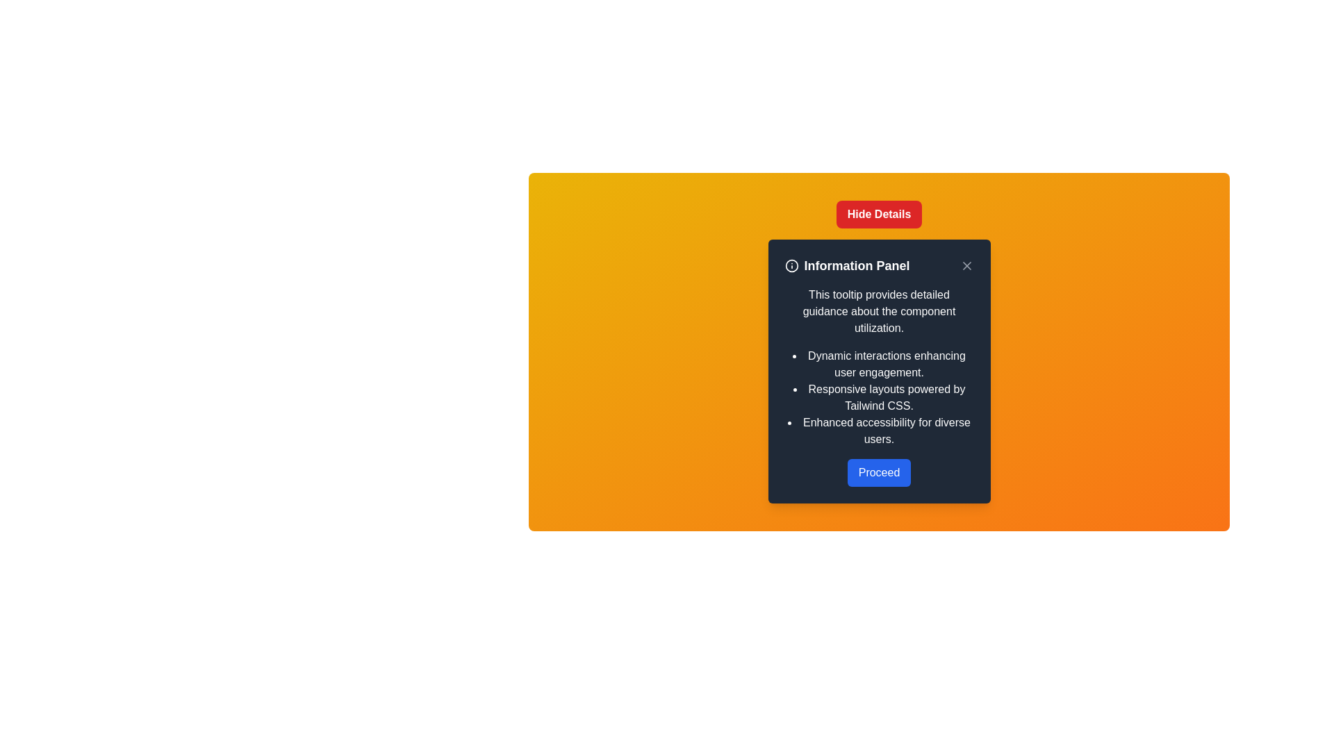 Image resolution: width=1334 pixels, height=750 pixels. I want to click on 'Information Panel' text from the header bar located at the top of the tooltip, which includes a left-aligned bold text and an icon on the left side, so click(878, 265).